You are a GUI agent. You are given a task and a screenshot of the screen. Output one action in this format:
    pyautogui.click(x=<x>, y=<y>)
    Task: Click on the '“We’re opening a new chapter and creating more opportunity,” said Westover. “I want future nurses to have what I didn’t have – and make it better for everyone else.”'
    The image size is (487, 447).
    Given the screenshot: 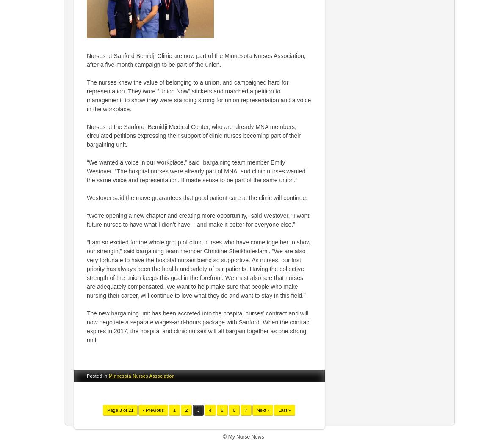 What is the action you would take?
    pyautogui.click(x=86, y=219)
    